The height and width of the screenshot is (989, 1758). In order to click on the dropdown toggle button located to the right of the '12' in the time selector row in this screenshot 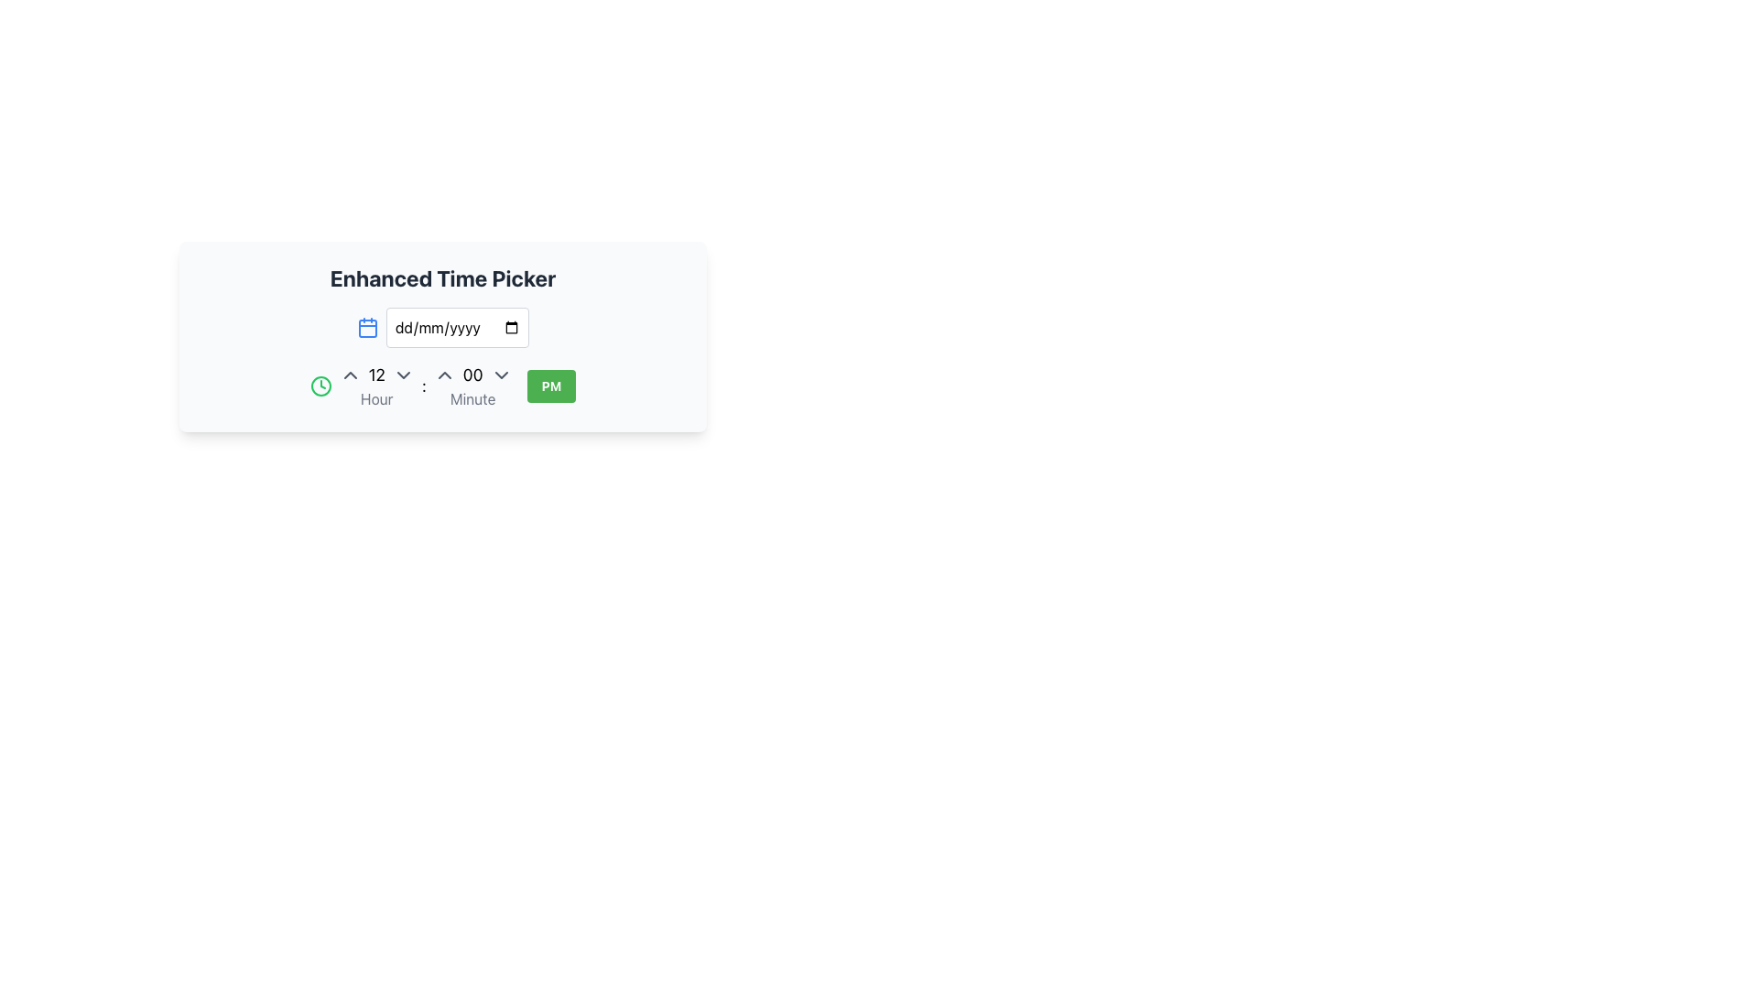, I will do `click(402, 374)`.